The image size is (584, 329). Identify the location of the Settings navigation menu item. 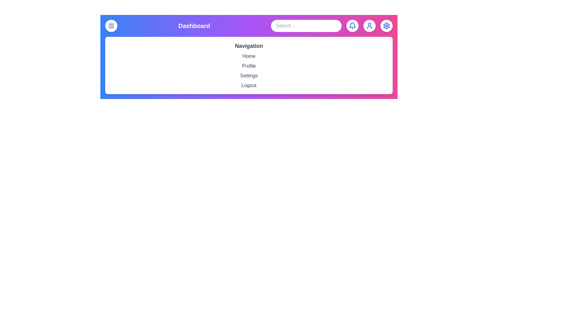
(249, 76).